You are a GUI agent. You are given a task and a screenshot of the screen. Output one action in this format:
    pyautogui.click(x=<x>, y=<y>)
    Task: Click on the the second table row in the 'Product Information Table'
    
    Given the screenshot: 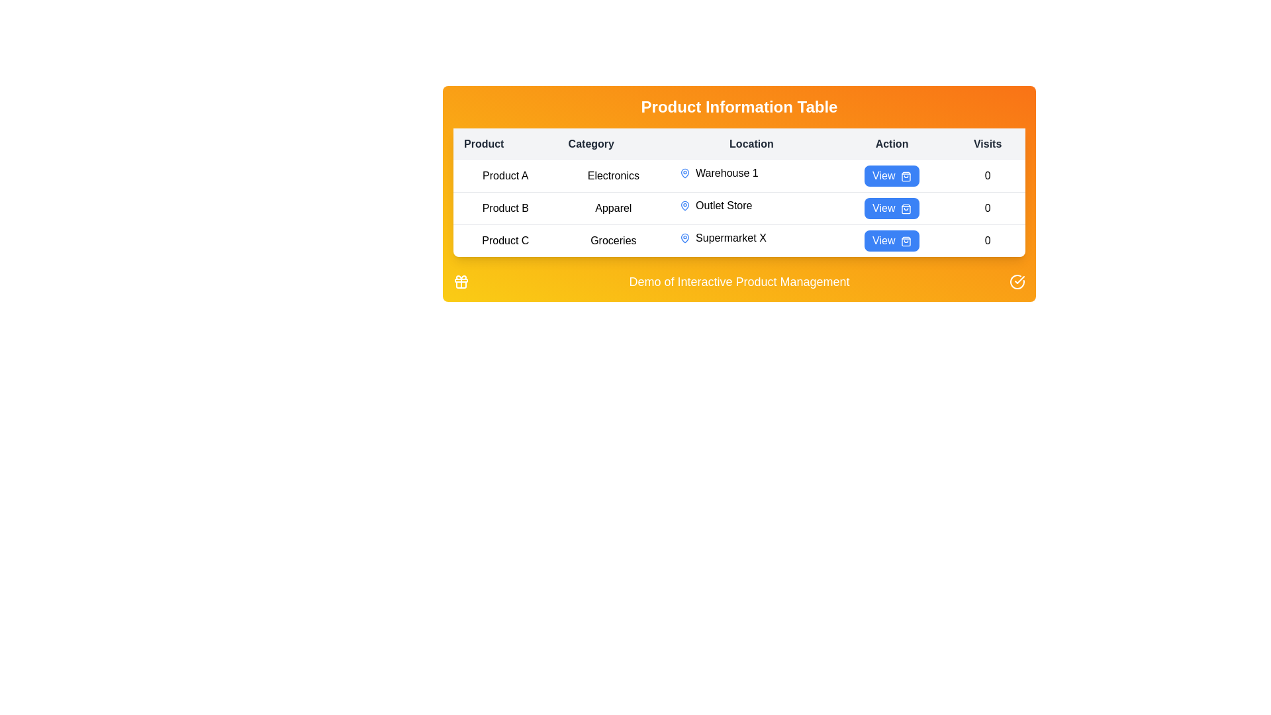 What is the action you would take?
    pyautogui.click(x=739, y=209)
    